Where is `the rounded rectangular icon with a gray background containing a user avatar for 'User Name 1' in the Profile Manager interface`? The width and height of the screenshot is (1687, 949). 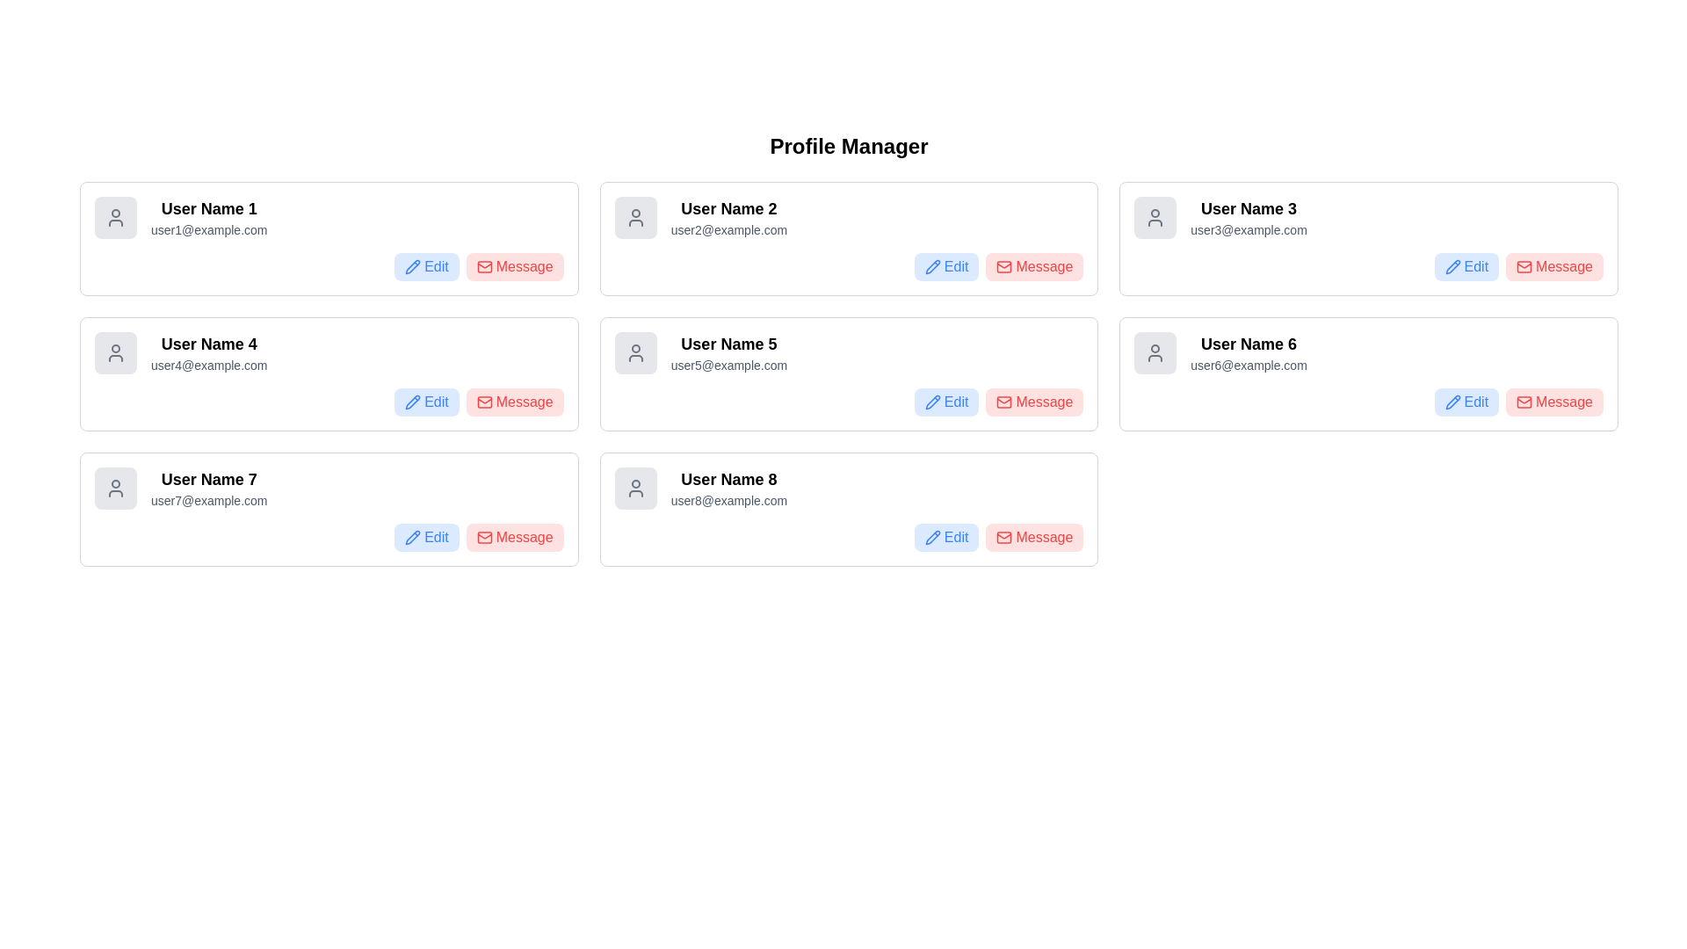 the rounded rectangular icon with a gray background containing a user avatar for 'User Name 1' in the Profile Manager interface is located at coordinates (115, 216).